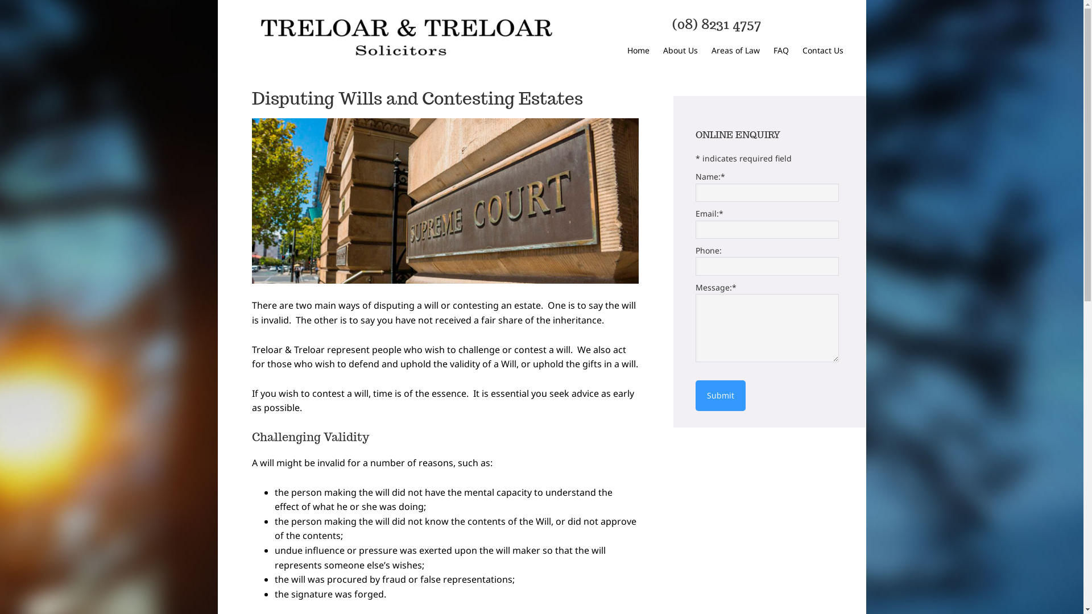 This screenshot has width=1092, height=614. I want to click on 'About Us', so click(680, 51).